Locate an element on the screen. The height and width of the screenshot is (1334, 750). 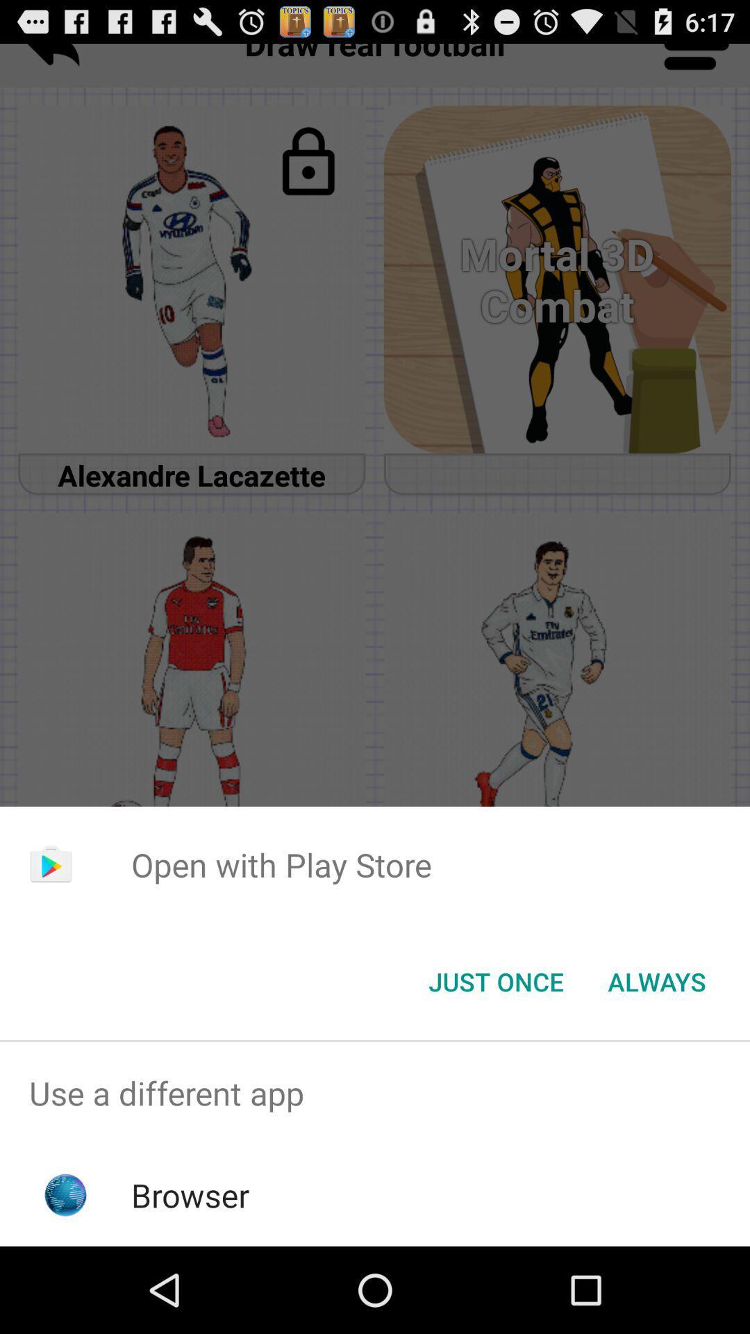
the icon to the right of just once item is located at coordinates (656, 980).